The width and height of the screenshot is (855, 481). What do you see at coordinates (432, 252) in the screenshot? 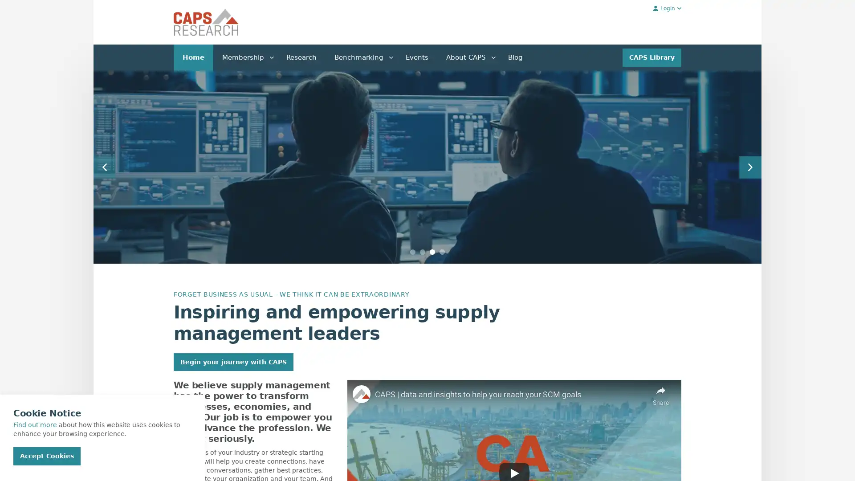
I see `3` at bounding box center [432, 252].